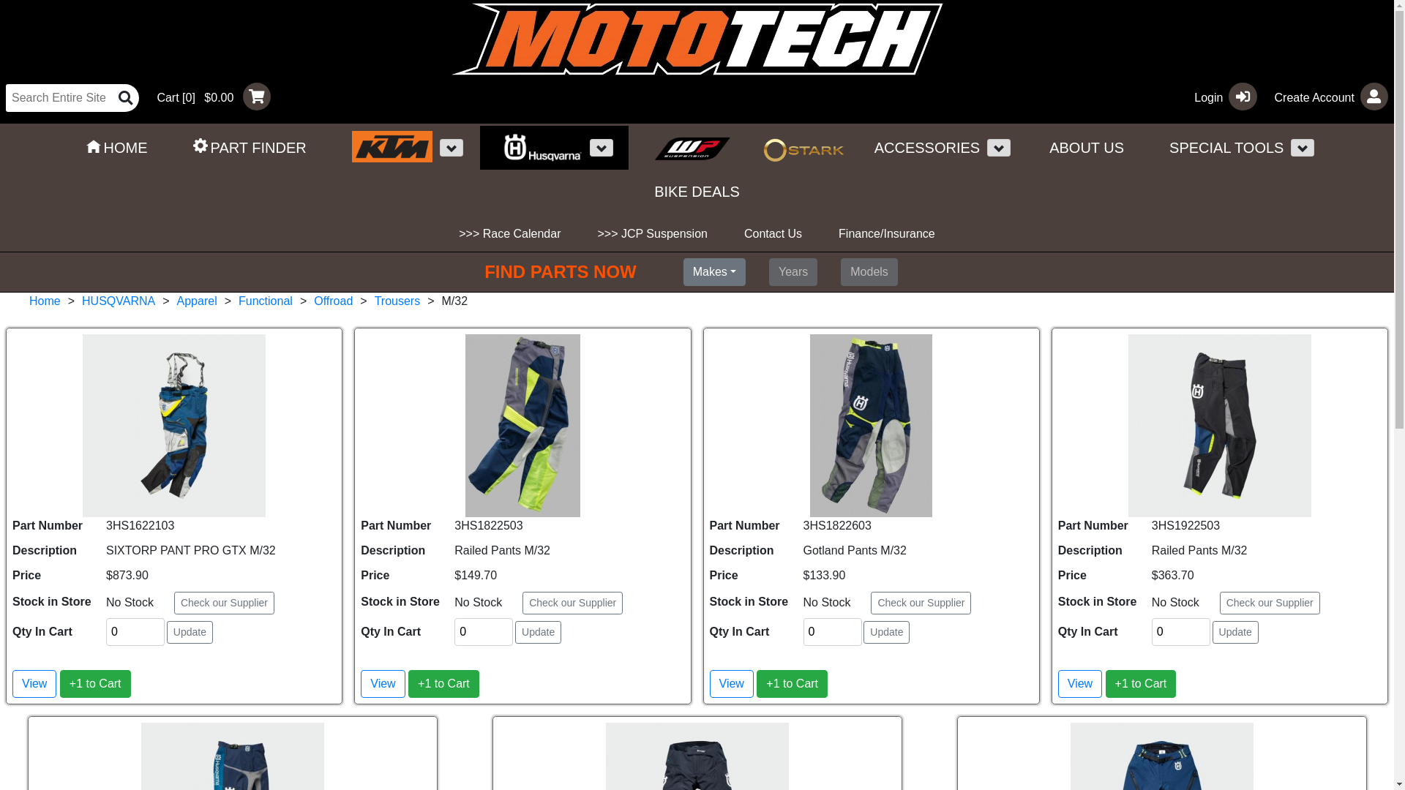 The width and height of the screenshot is (1405, 790). I want to click on 'FIND PARTS NOW', so click(484, 271).